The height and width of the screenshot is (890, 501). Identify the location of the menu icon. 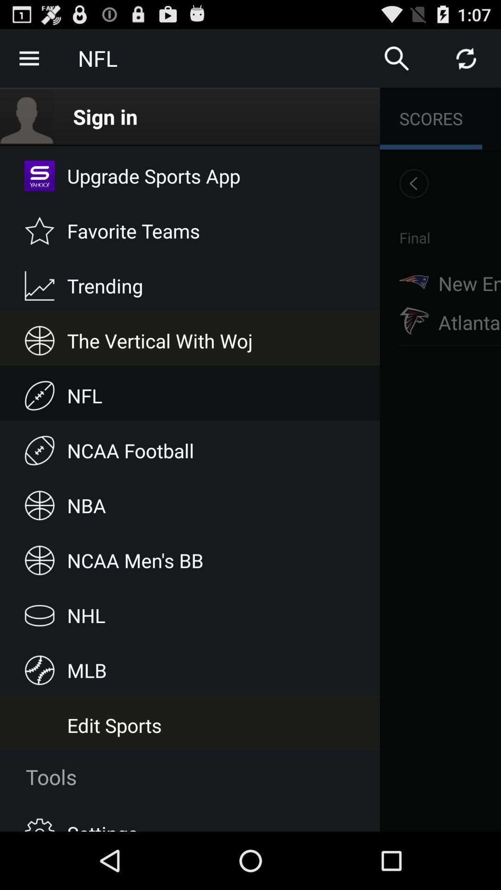
(28, 62).